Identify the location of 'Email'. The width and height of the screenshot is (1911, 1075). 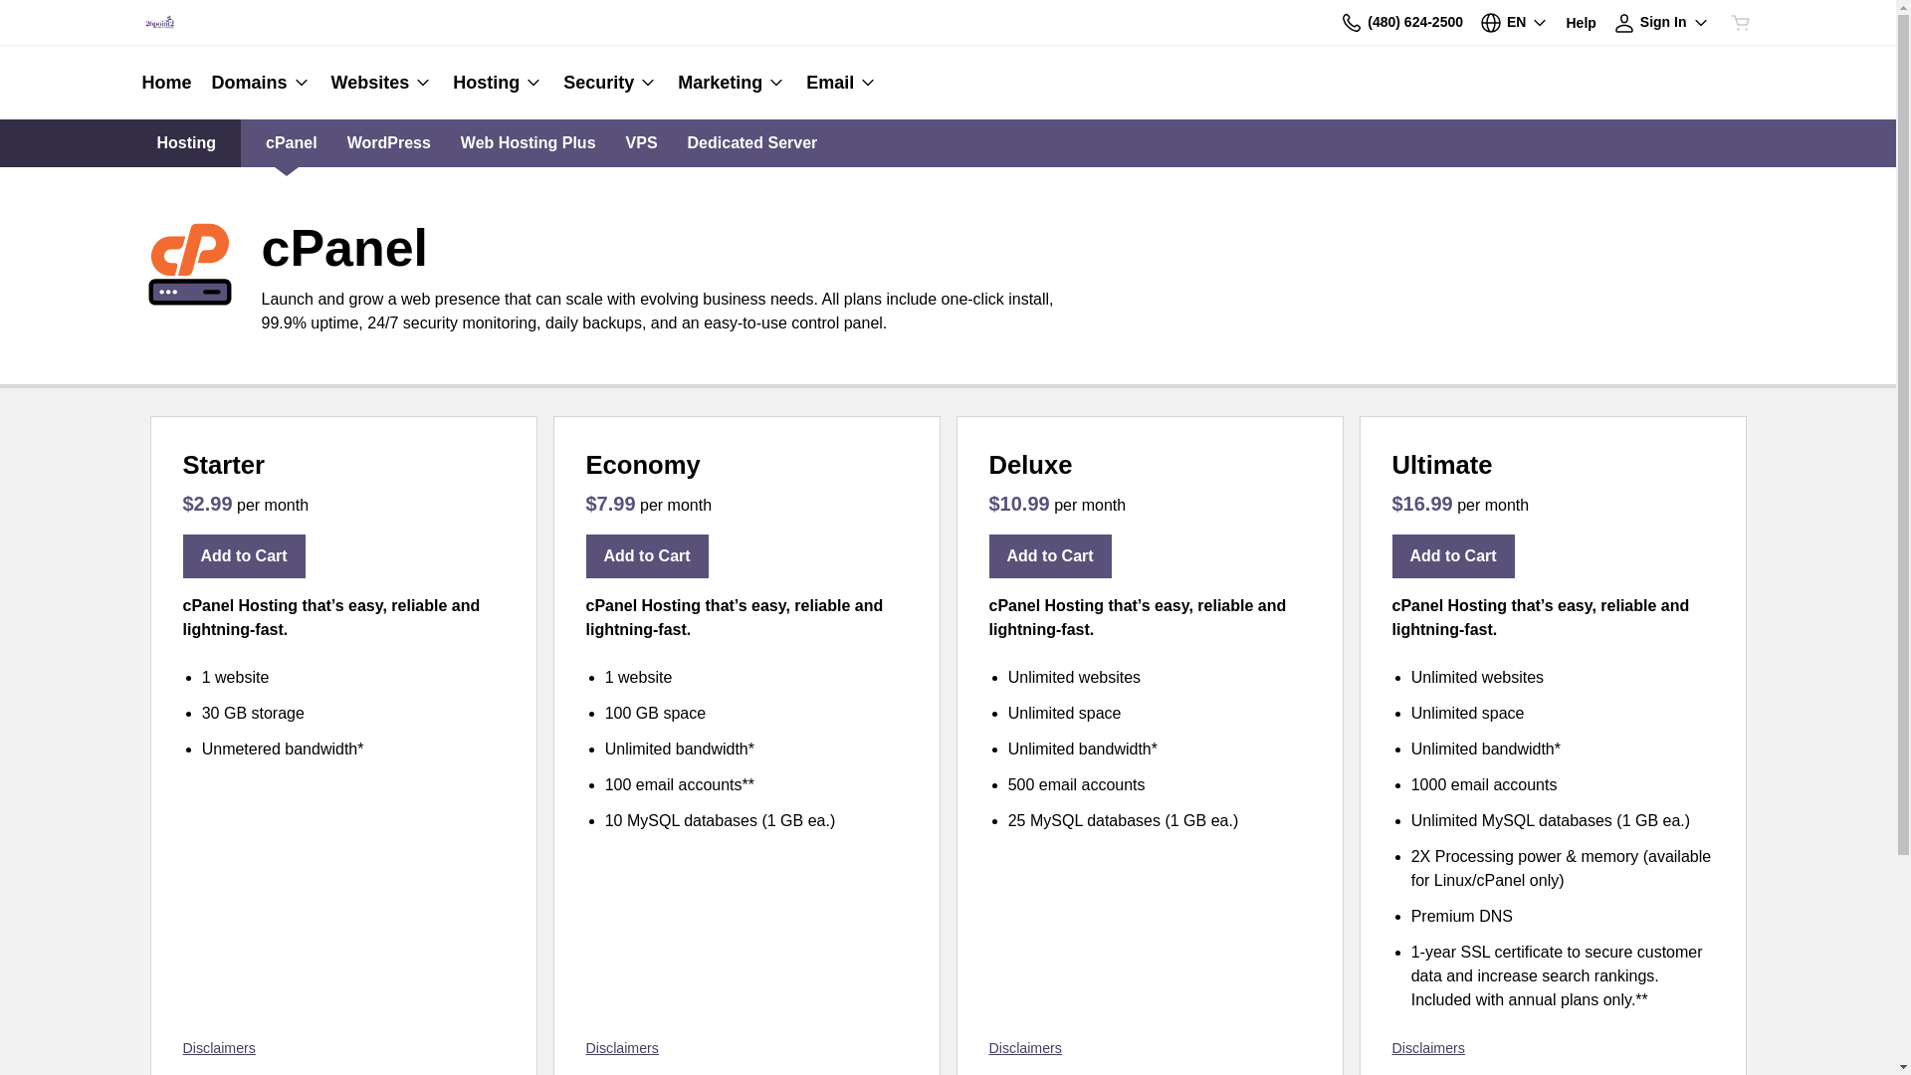
(836, 82).